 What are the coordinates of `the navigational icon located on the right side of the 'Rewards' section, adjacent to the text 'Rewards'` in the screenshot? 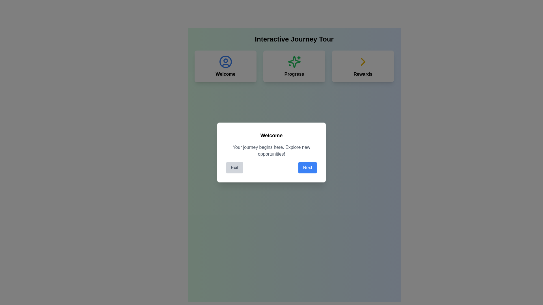 It's located at (363, 62).